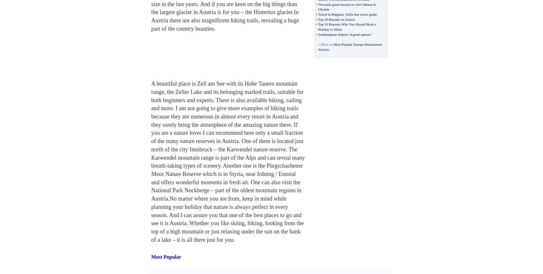 This screenshot has width=543, height=274. Describe the element at coordinates (166, 257) in the screenshot. I see `'Most Popular'` at that location.